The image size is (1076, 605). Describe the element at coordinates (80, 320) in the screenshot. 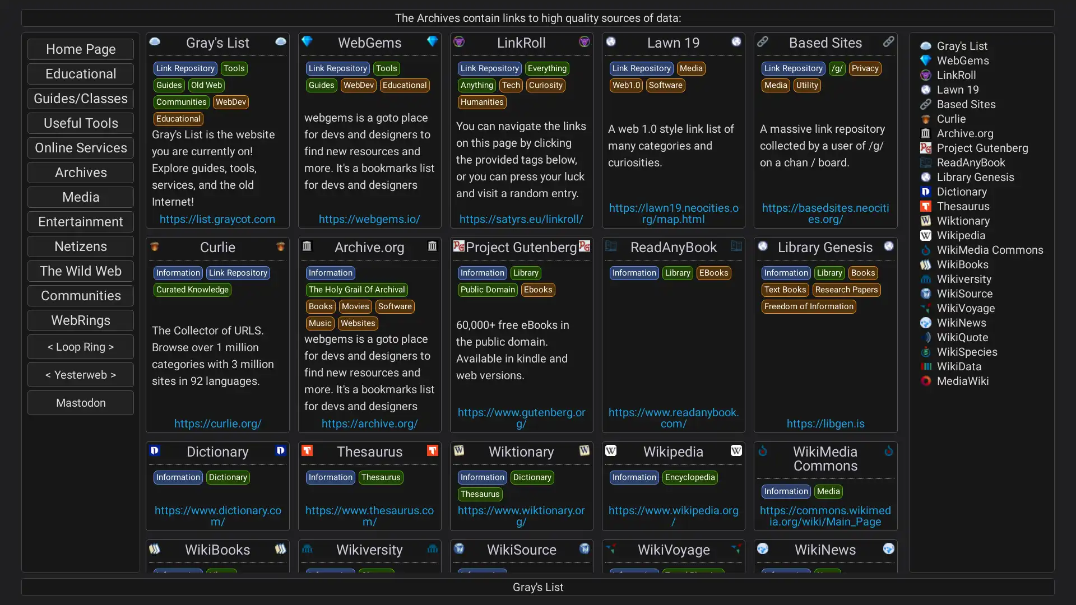

I see `WebRings` at that location.